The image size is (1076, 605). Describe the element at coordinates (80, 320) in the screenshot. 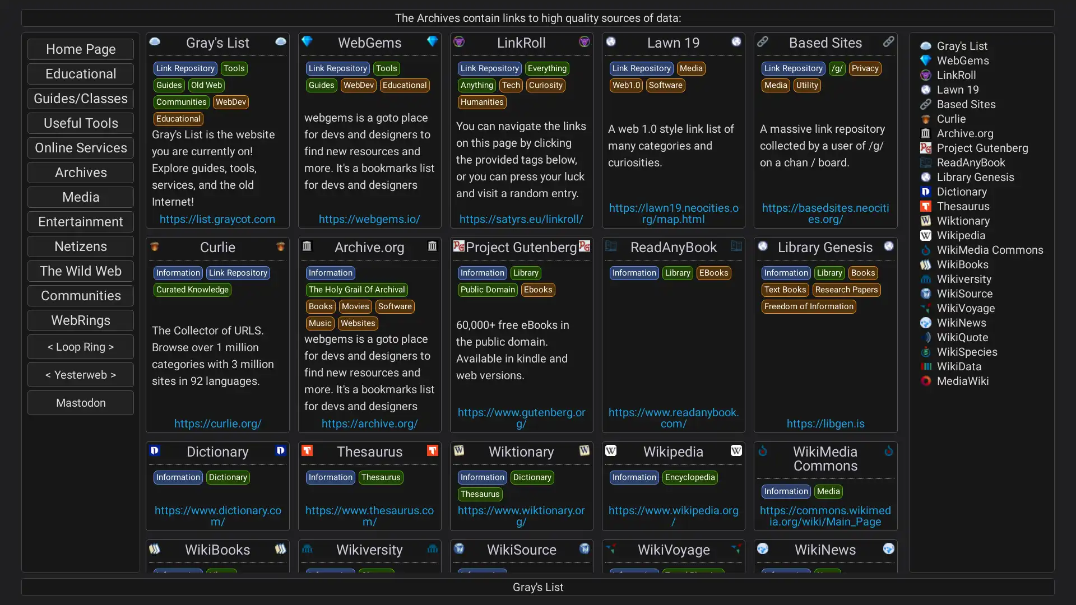

I see `WebRings` at that location.